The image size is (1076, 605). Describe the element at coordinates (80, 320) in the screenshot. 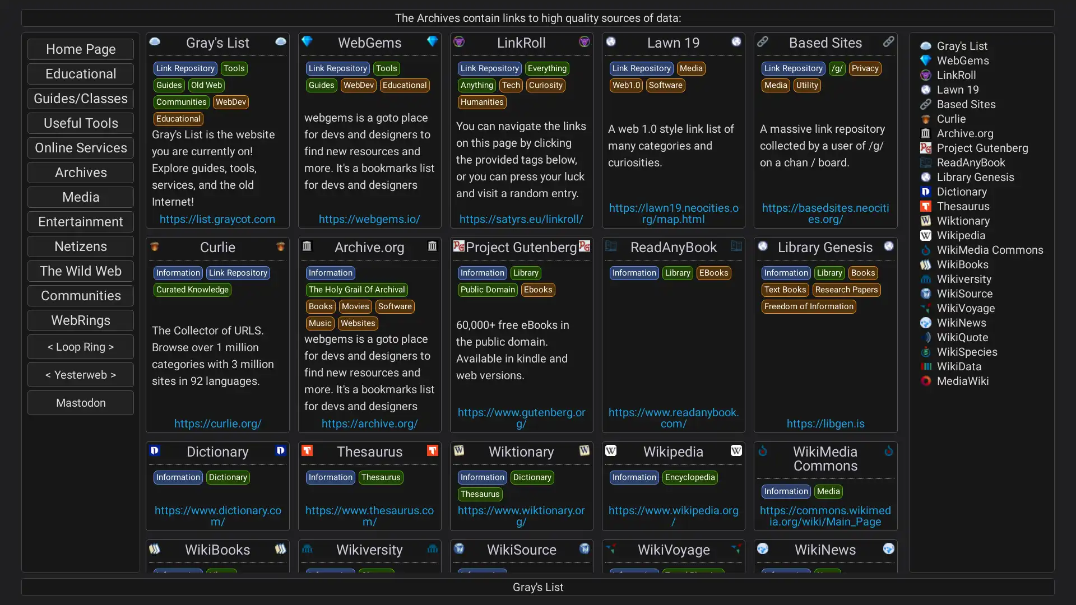

I see `WebRings` at that location.